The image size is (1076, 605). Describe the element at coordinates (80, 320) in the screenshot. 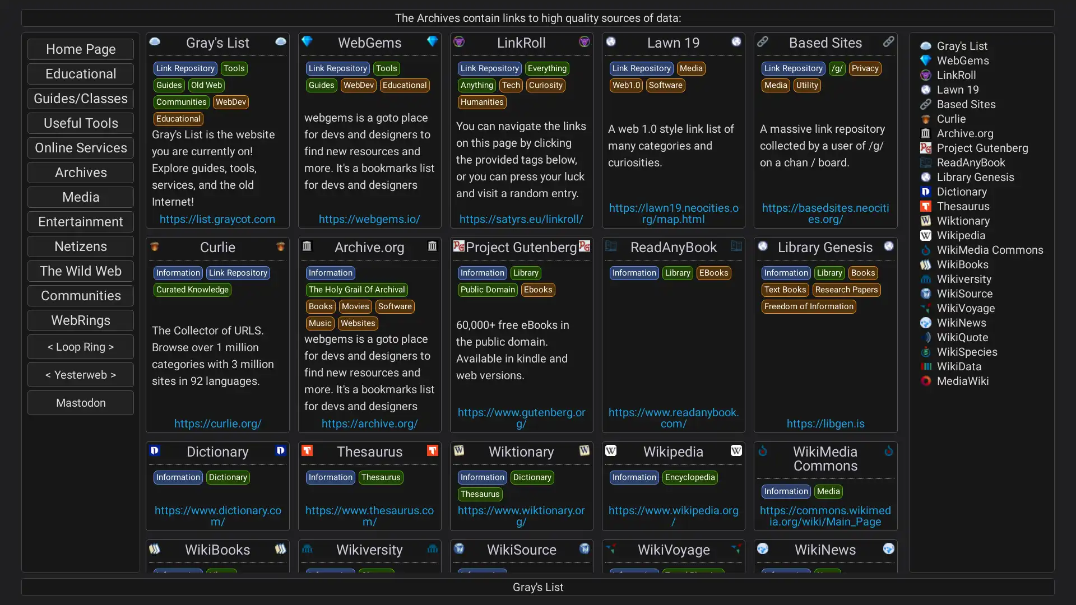

I see `WebRings` at that location.